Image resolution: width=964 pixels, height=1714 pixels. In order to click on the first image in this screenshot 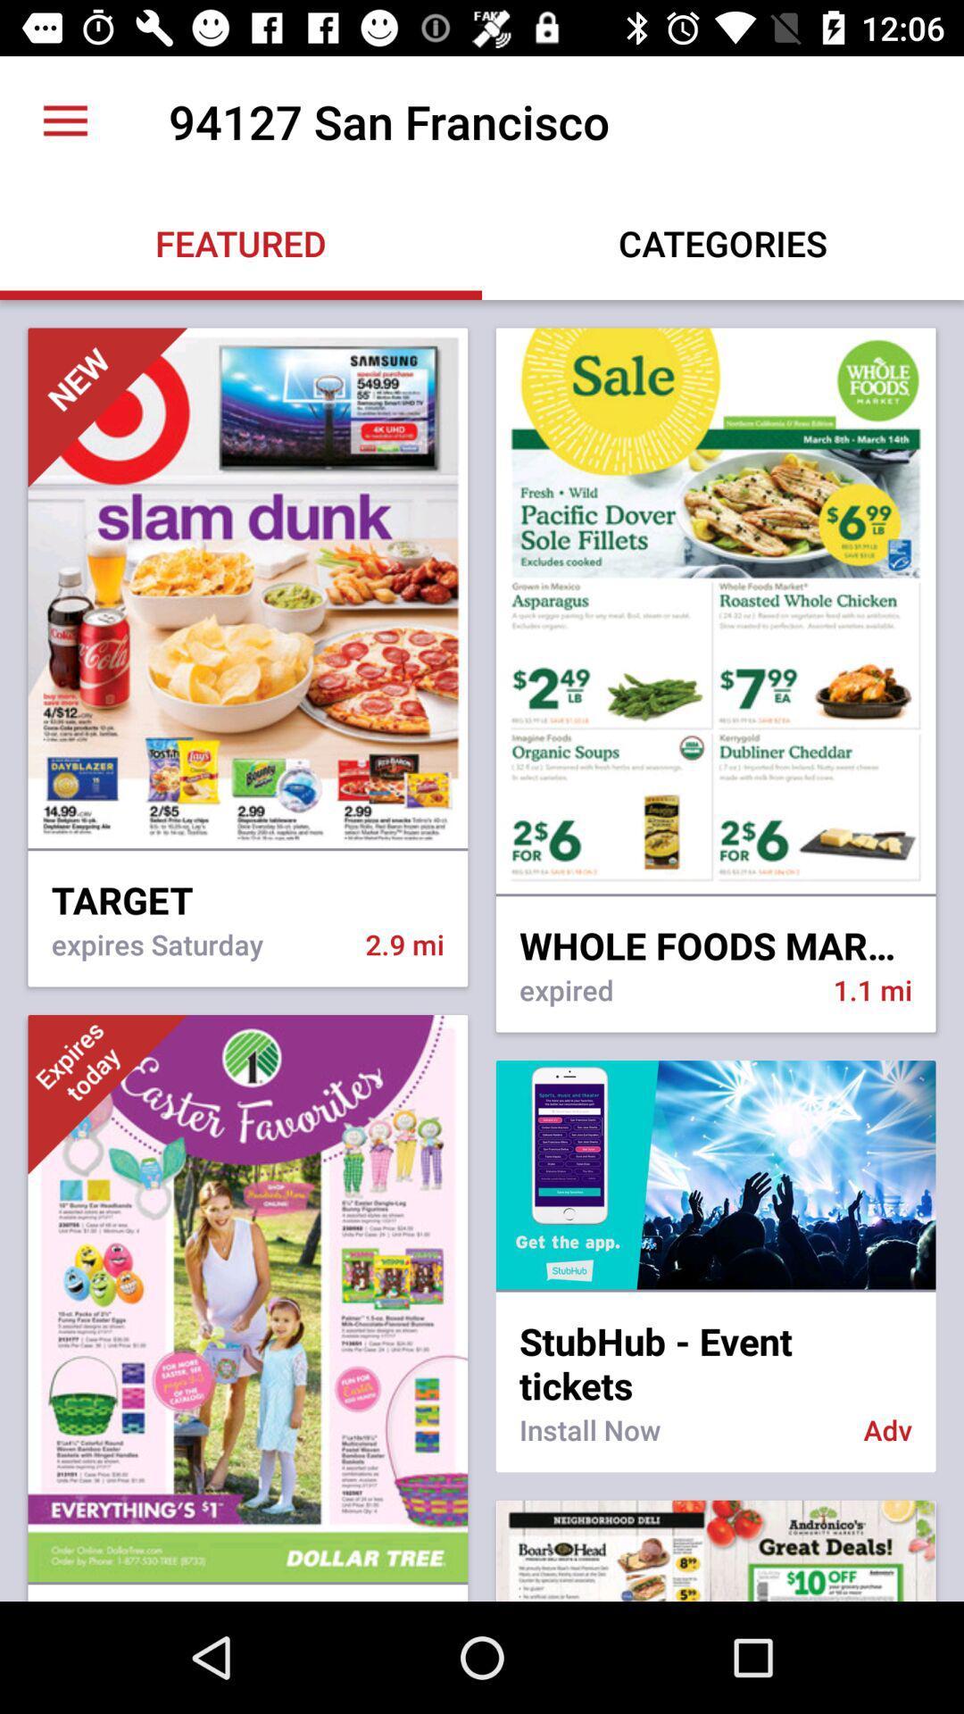, I will do `click(247, 657)`.